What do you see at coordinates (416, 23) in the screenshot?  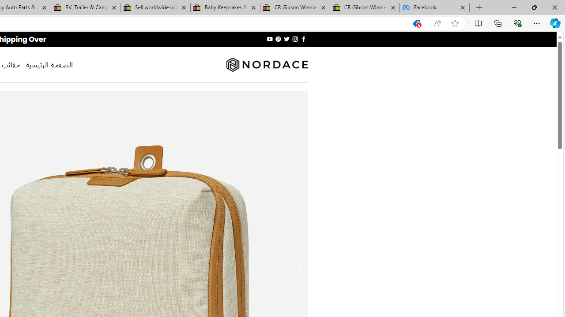 I see `'You have the best price!'` at bounding box center [416, 23].